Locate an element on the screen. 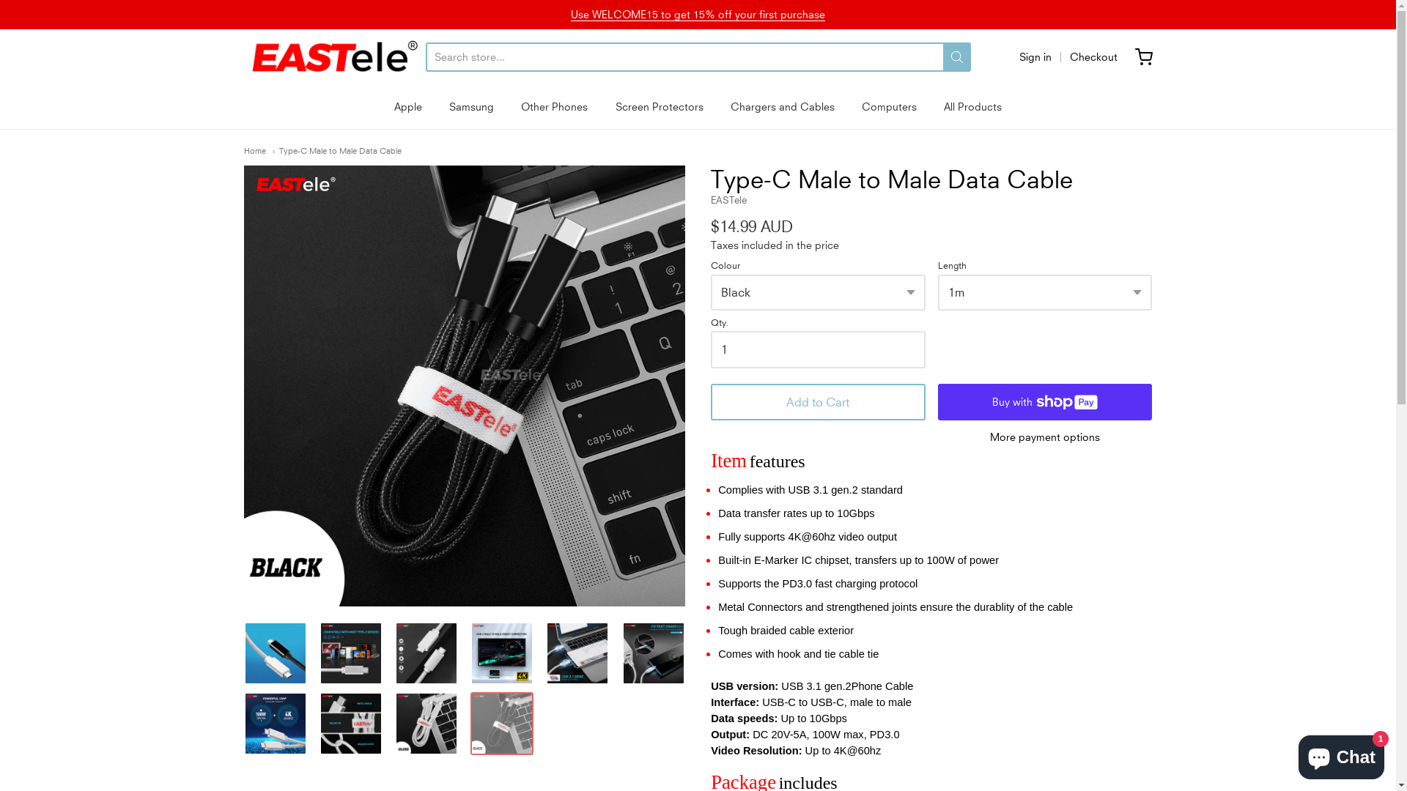  'Type-C Male to Male Data Cable' is located at coordinates (350, 722).